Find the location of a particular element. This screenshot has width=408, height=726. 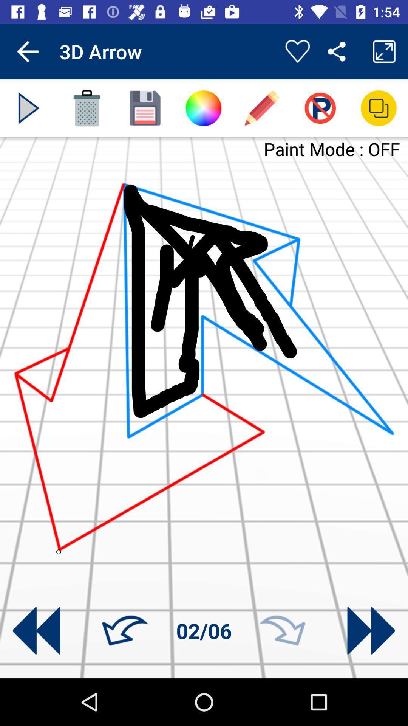

minimize/maximize page is located at coordinates (379, 108).